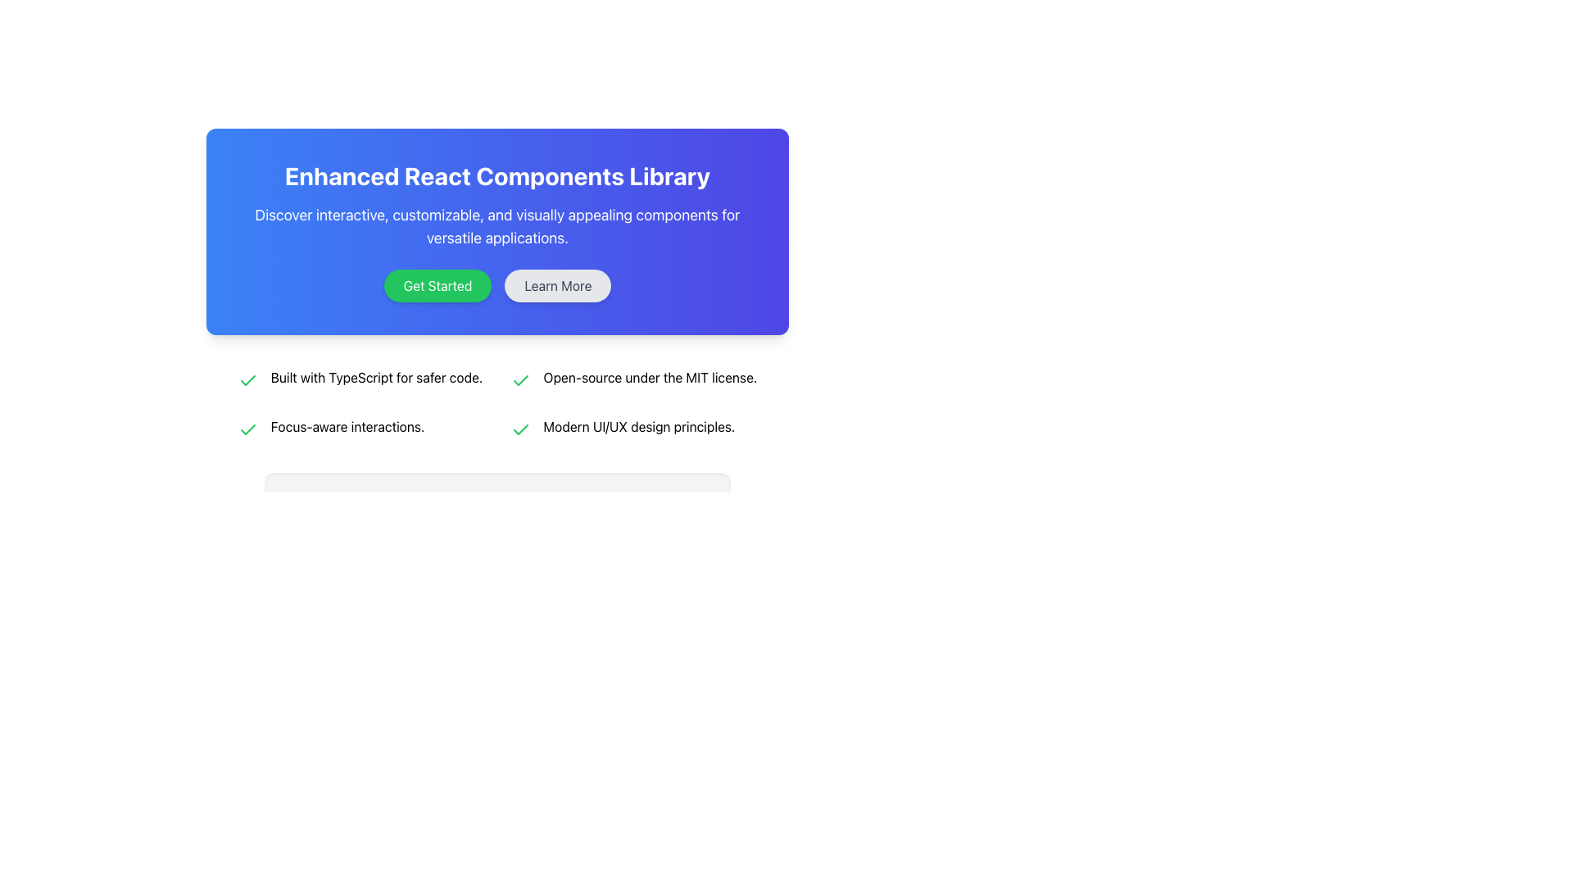 The width and height of the screenshot is (1573, 885). Describe the element at coordinates (519, 429) in the screenshot. I see `the validation icon that indicates 'Built with TypeScript for safer code.' located to the left of the corresponding text` at that location.